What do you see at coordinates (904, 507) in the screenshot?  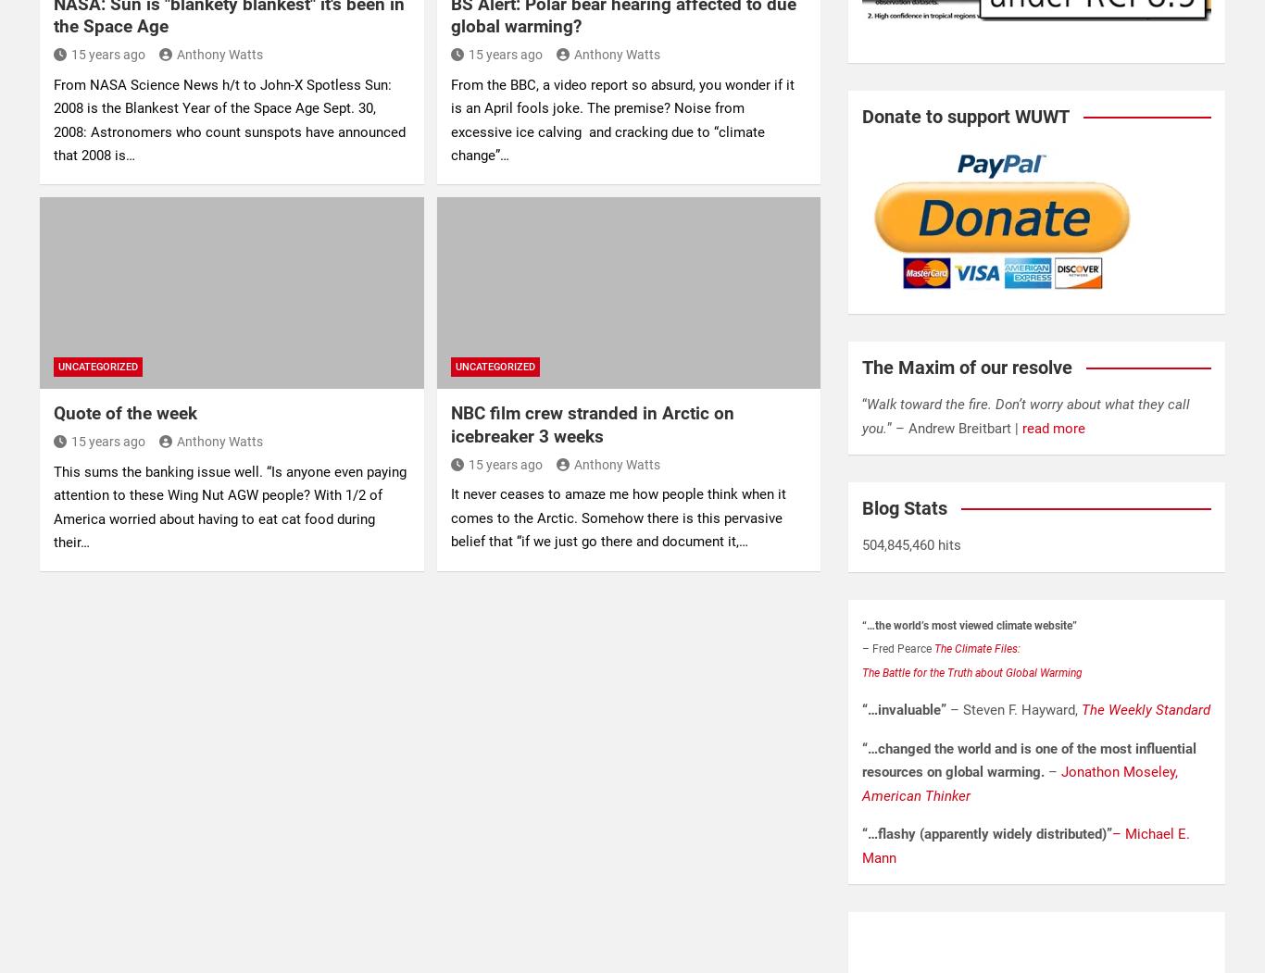 I see `'Blog Stats'` at bounding box center [904, 507].